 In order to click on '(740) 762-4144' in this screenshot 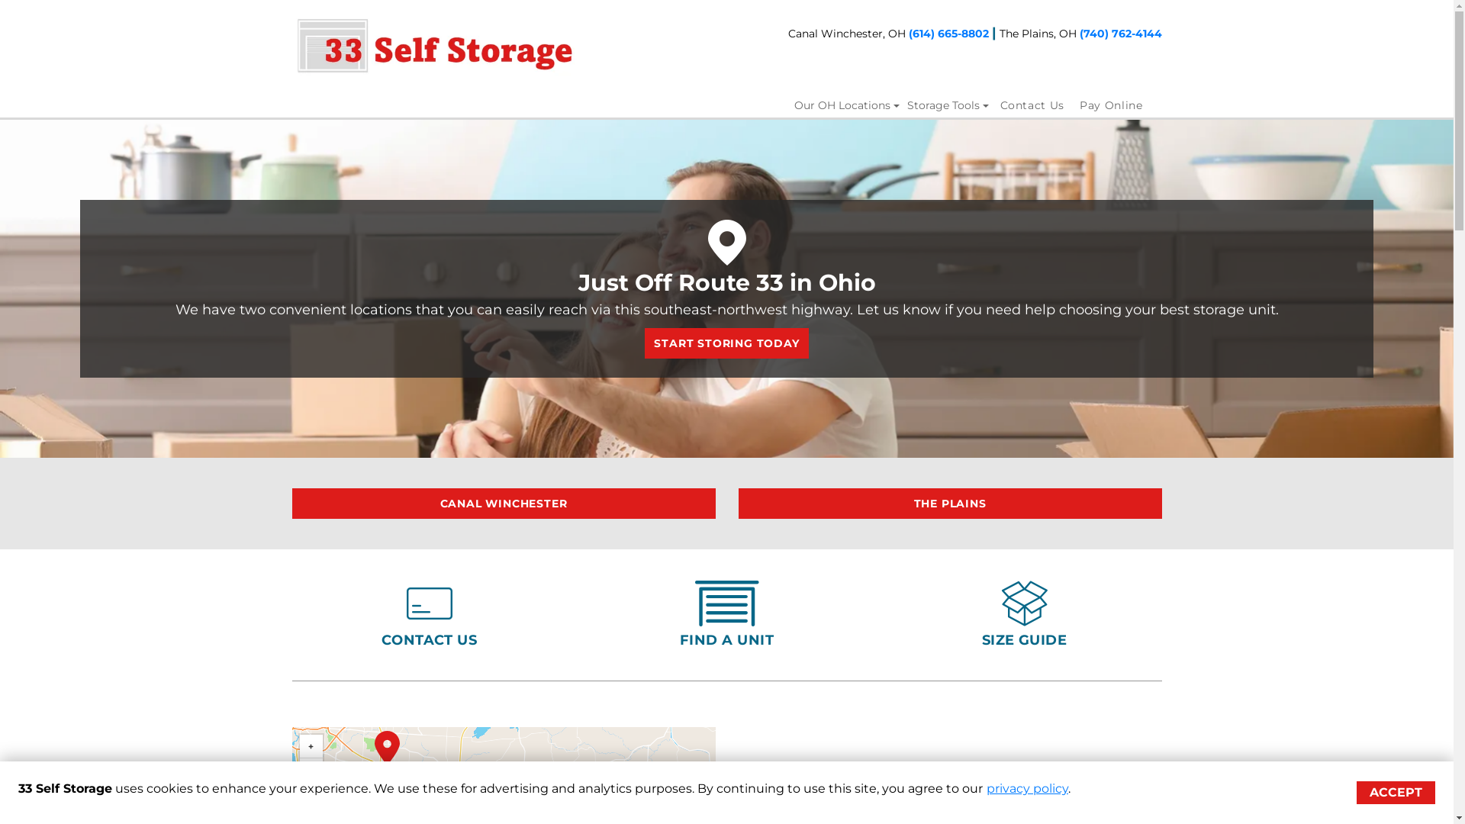, I will do `click(1078, 33)`.